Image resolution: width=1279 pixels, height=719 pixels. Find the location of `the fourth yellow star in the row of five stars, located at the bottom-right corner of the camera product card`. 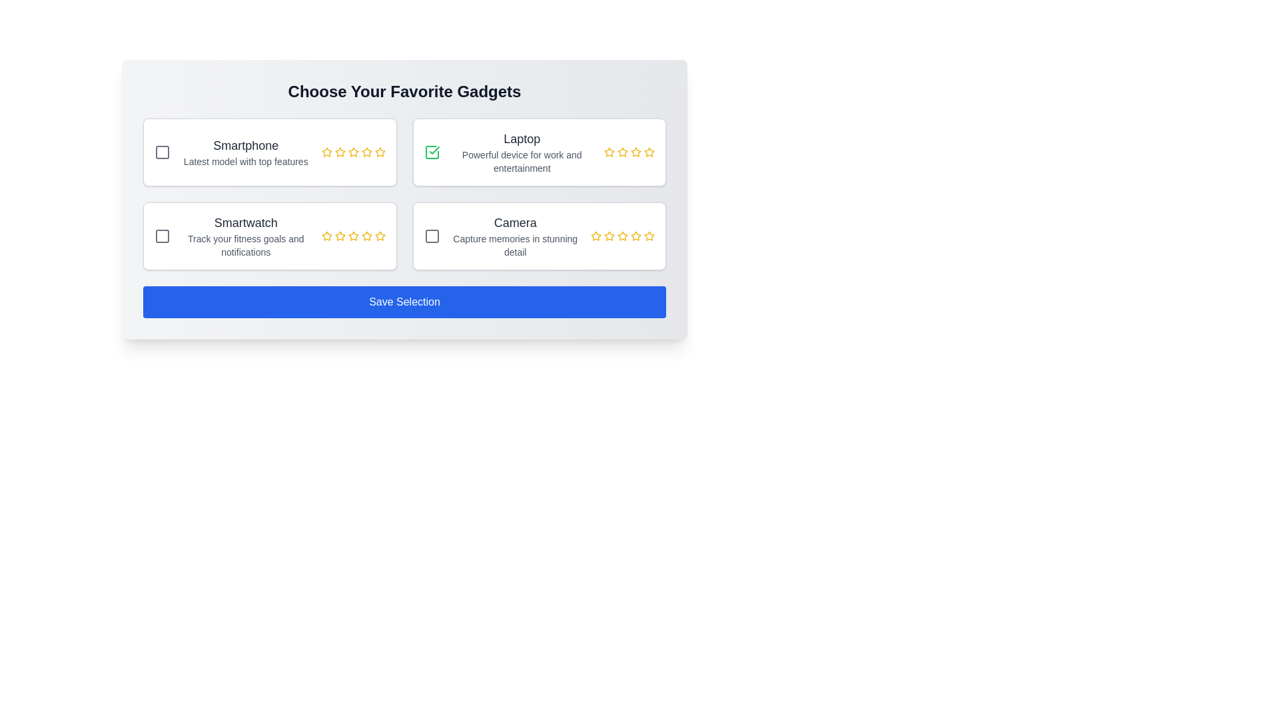

the fourth yellow star in the row of five stars, located at the bottom-right corner of the camera product card is located at coordinates (622, 235).